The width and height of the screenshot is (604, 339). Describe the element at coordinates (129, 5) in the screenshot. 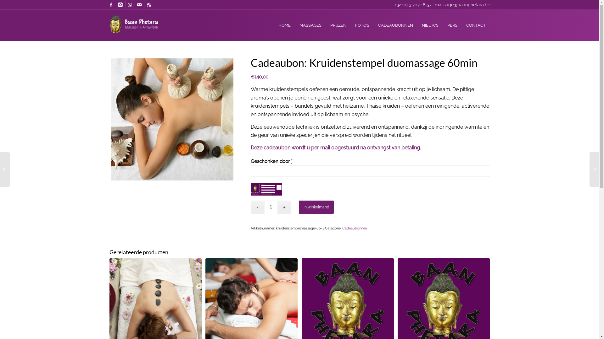

I see `'WhatsApp'` at that location.